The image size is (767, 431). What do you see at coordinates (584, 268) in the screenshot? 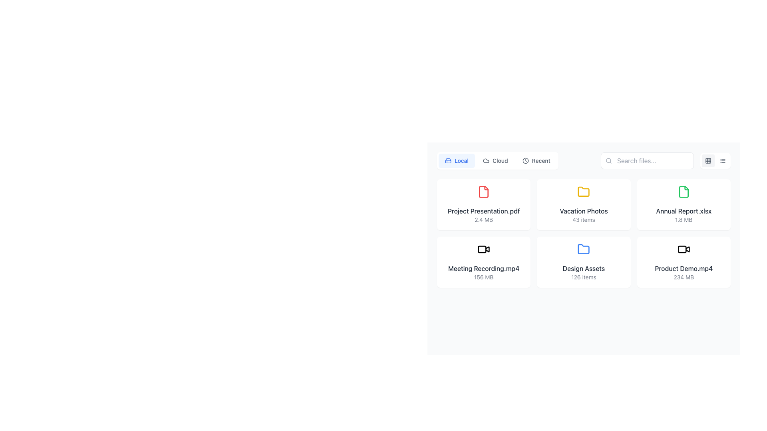
I see `text label displaying 'Design Assets' located in the second column of the second row, below the blue folder icon` at bounding box center [584, 268].